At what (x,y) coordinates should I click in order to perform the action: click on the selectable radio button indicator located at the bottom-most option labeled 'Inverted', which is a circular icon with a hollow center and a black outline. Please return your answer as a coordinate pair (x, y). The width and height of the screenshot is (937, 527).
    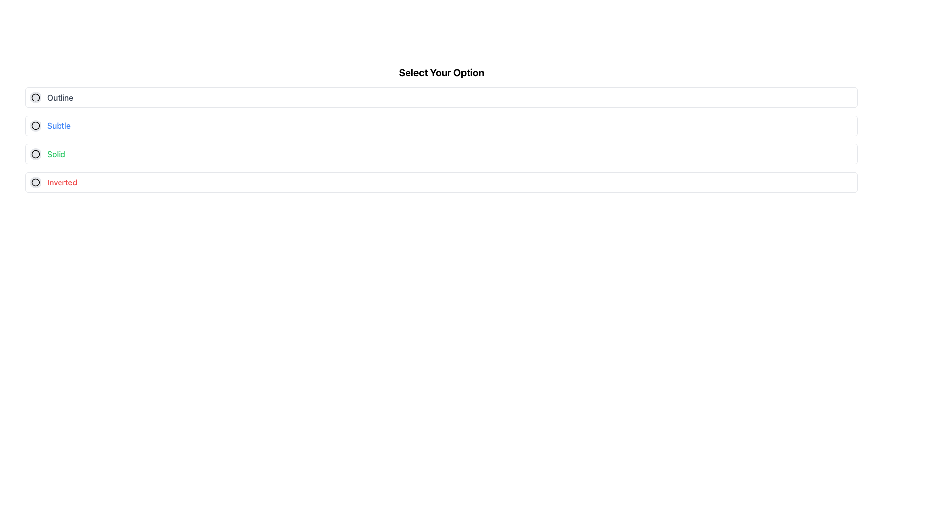
    Looking at the image, I should click on (35, 182).